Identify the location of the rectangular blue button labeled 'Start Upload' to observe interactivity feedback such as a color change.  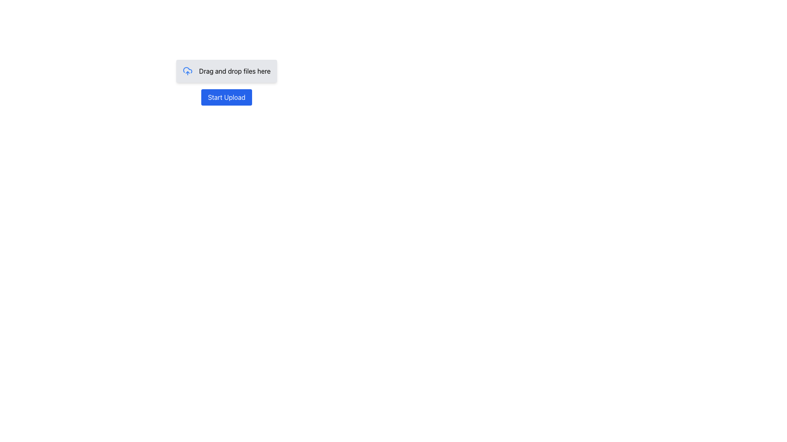
(226, 97).